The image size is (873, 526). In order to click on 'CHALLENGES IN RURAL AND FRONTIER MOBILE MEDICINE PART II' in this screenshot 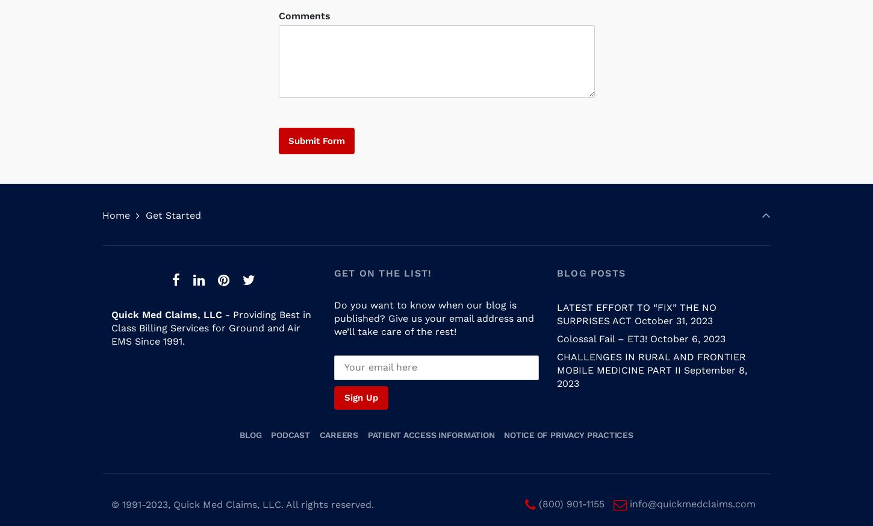, I will do `click(650, 351)`.